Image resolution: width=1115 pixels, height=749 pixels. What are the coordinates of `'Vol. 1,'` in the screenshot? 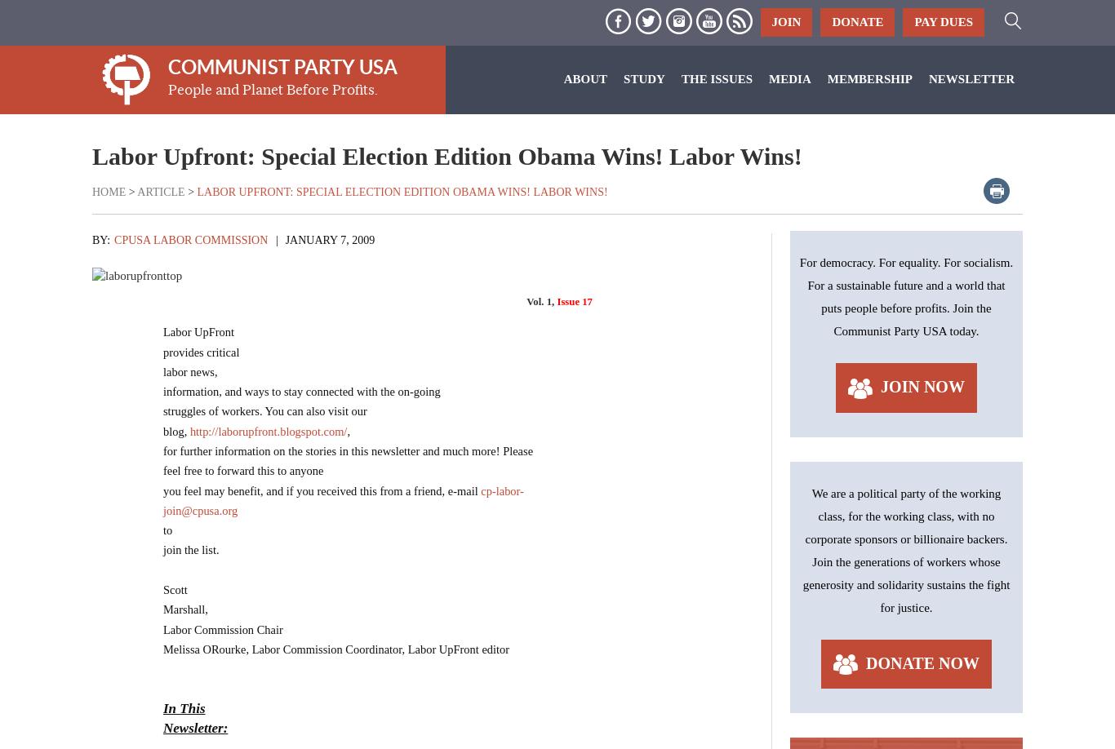 It's located at (540, 301).